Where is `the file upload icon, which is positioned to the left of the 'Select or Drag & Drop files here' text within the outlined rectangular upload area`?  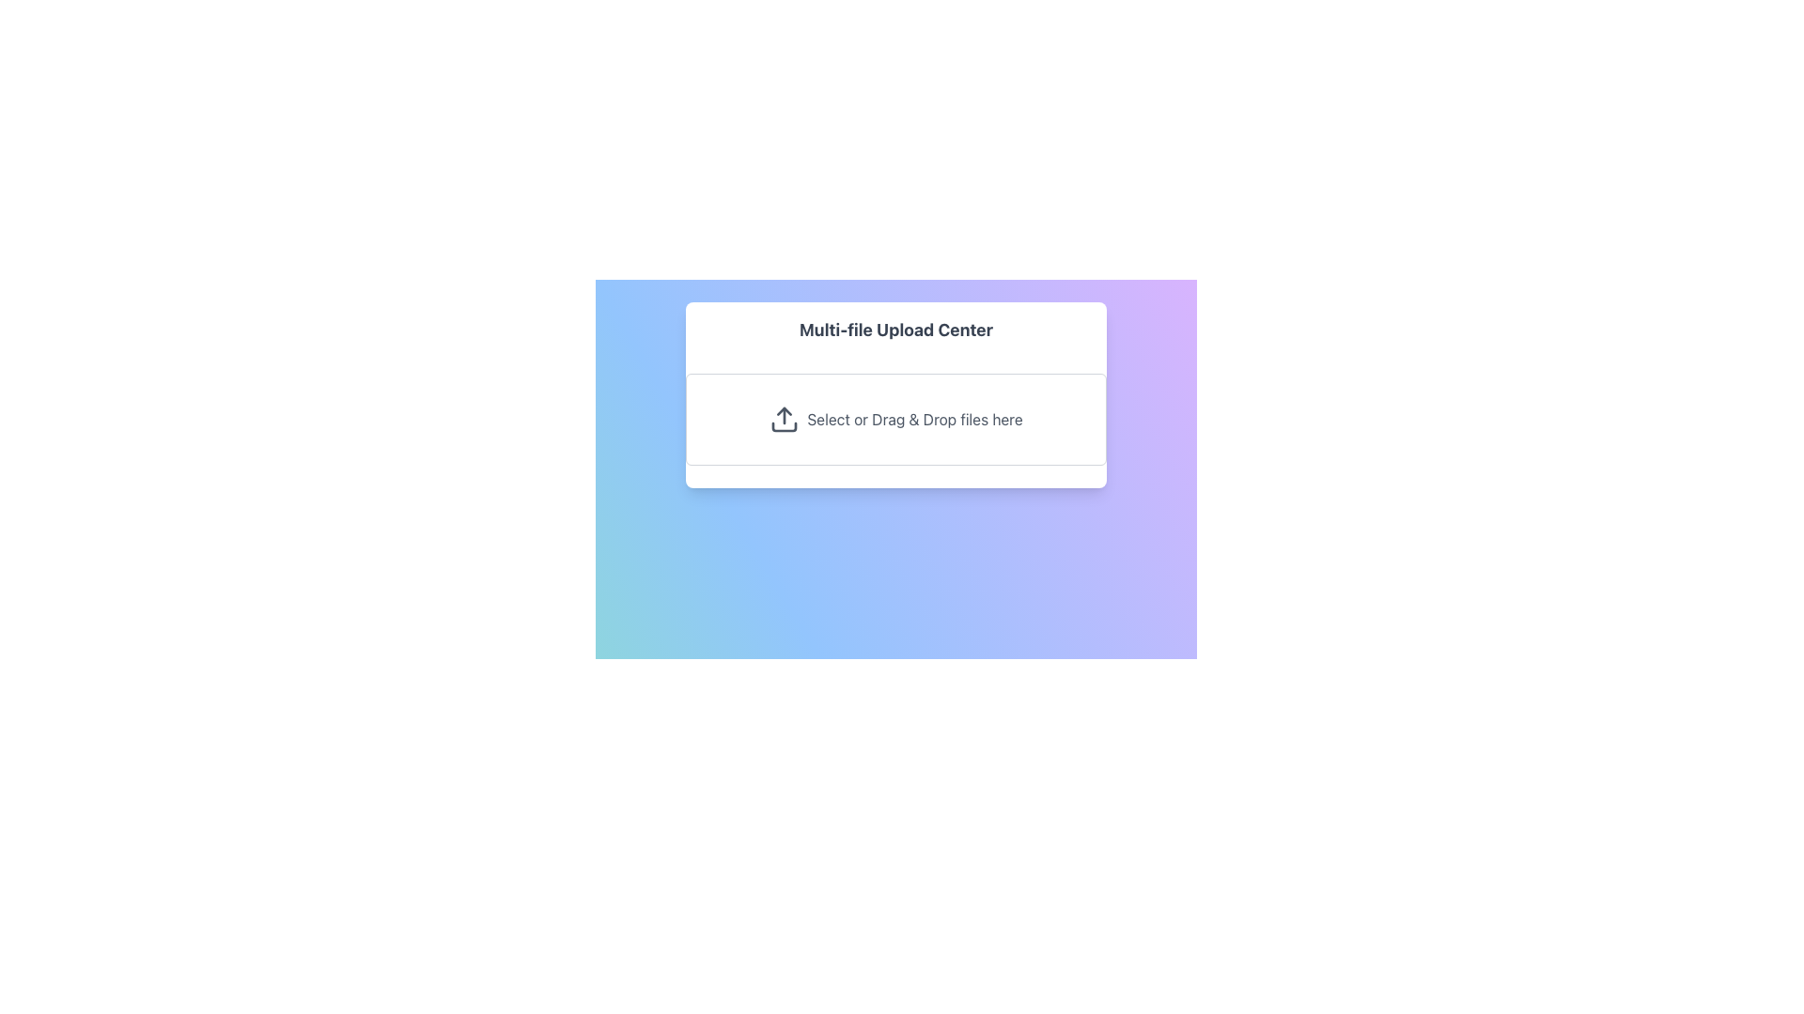
the file upload icon, which is positioned to the left of the 'Select or Drag & Drop files here' text within the outlined rectangular upload area is located at coordinates (785, 419).